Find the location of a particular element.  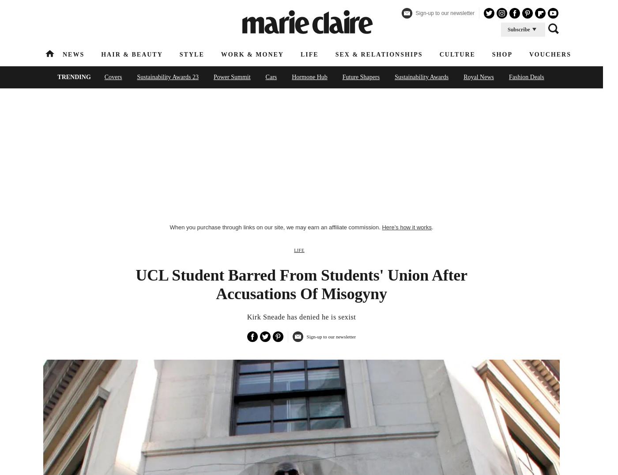

'Trending' is located at coordinates (74, 77).